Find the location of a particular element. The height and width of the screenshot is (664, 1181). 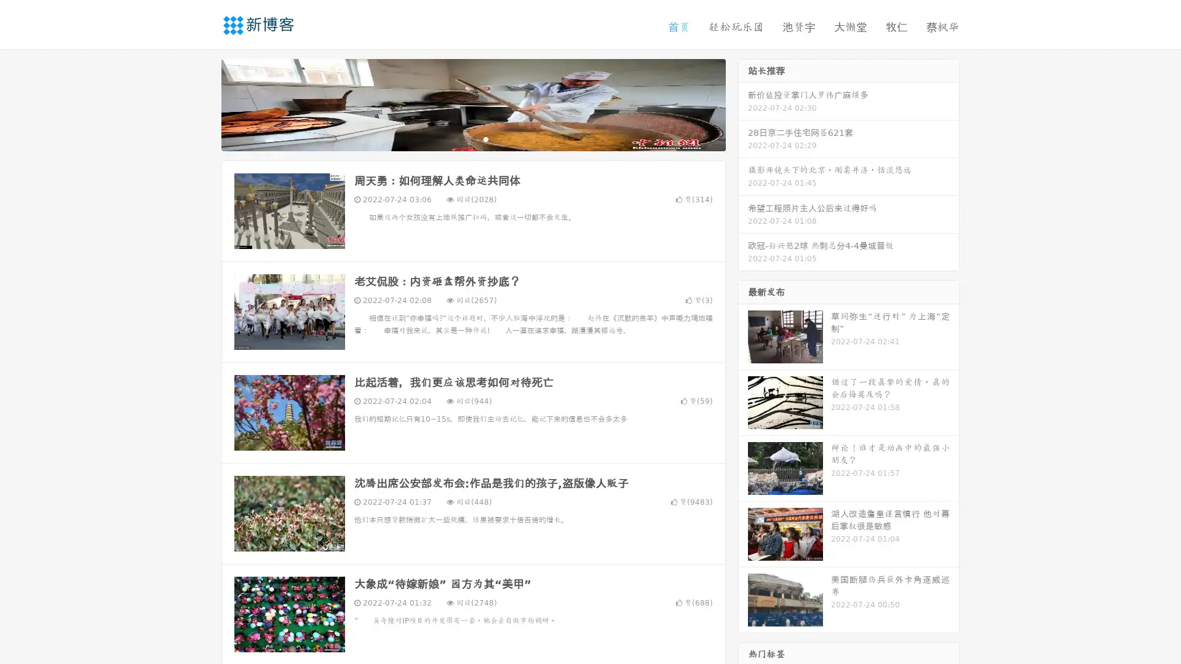

Go to slide 3 is located at coordinates (485, 138).